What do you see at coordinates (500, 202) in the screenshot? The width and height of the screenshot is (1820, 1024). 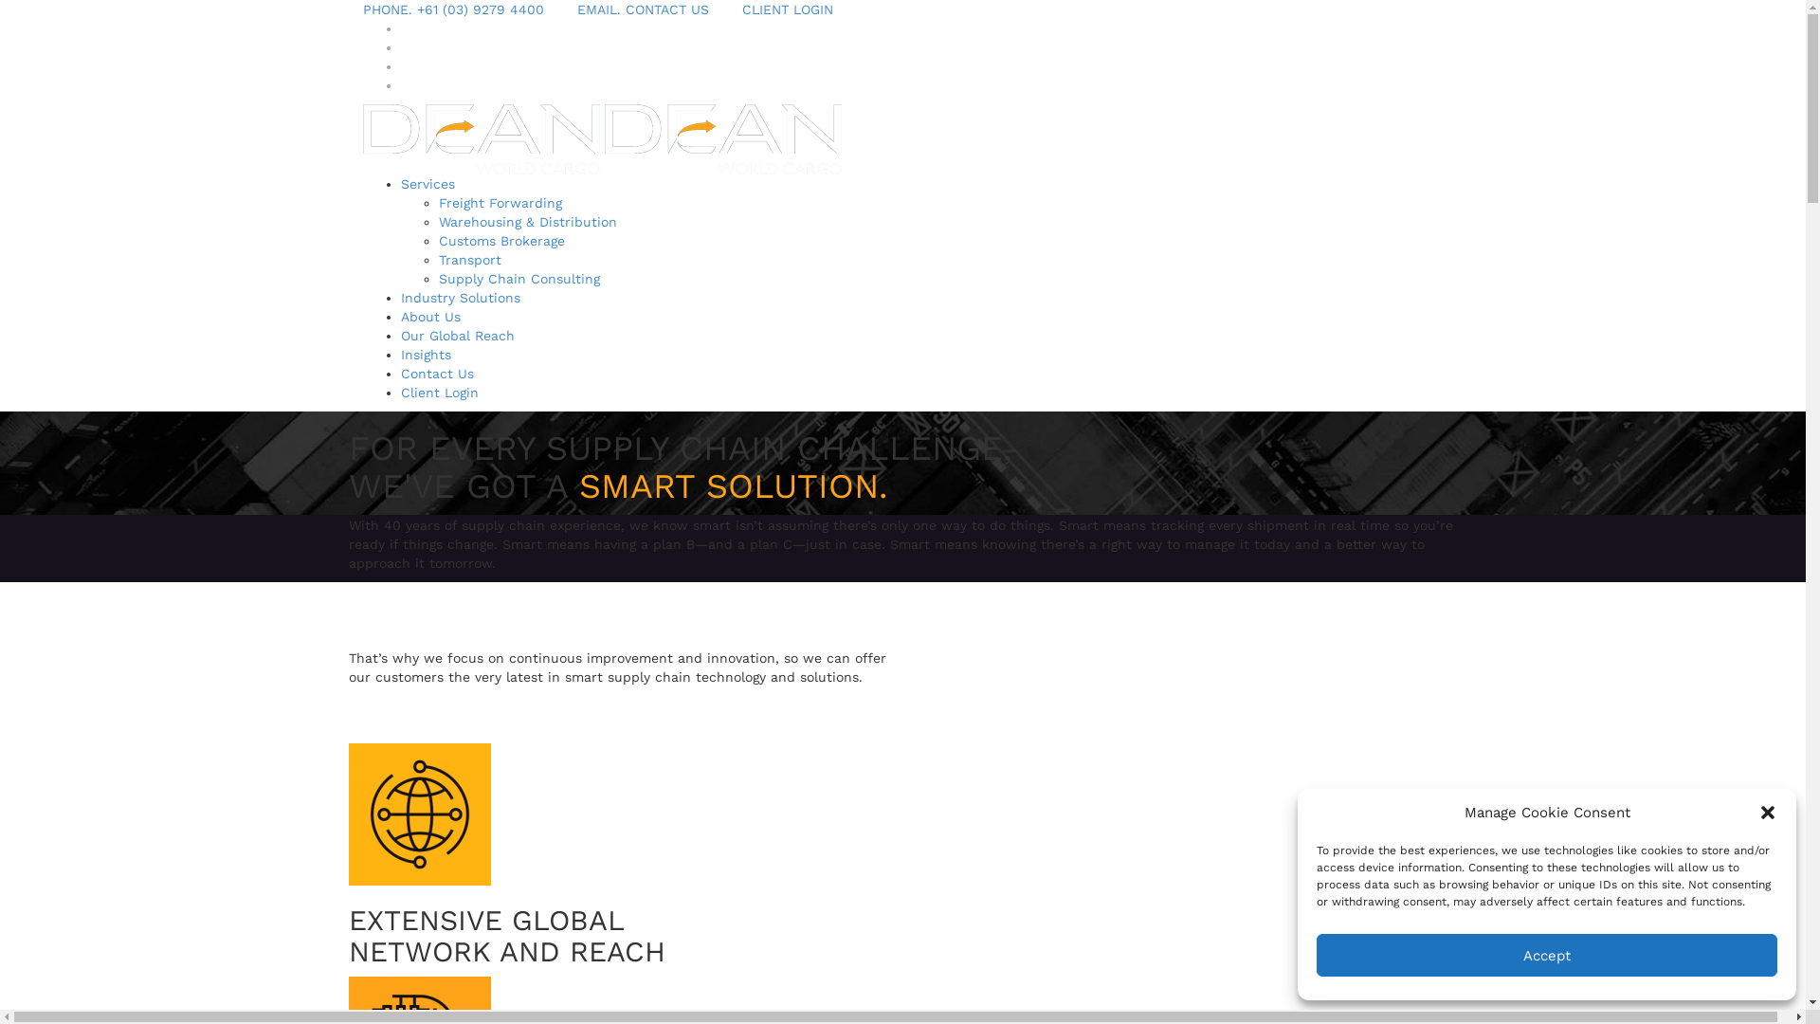 I see `'Freight Forwarding'` at bounding box center [500, 202].